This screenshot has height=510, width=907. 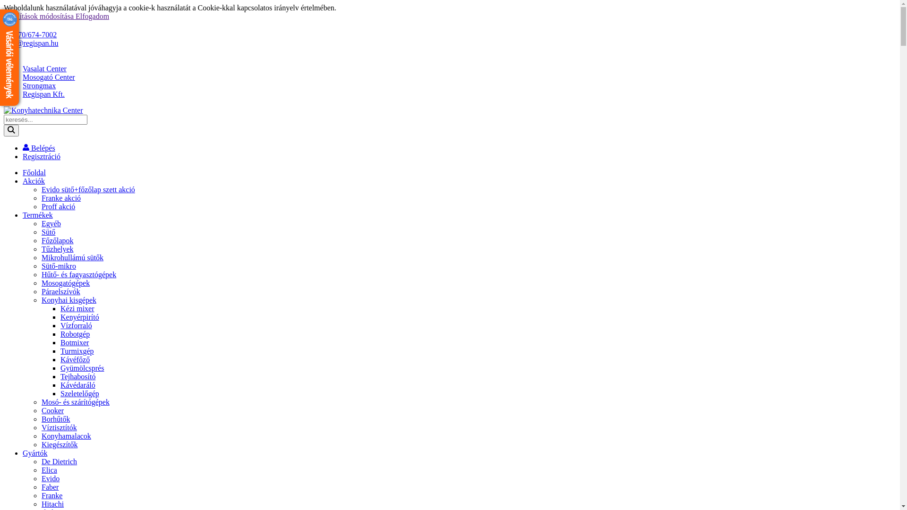 What do you see at coordinates (92, 16) in the screenshot?
I see `'Elfogadom'` at bounding box center [92, 16].